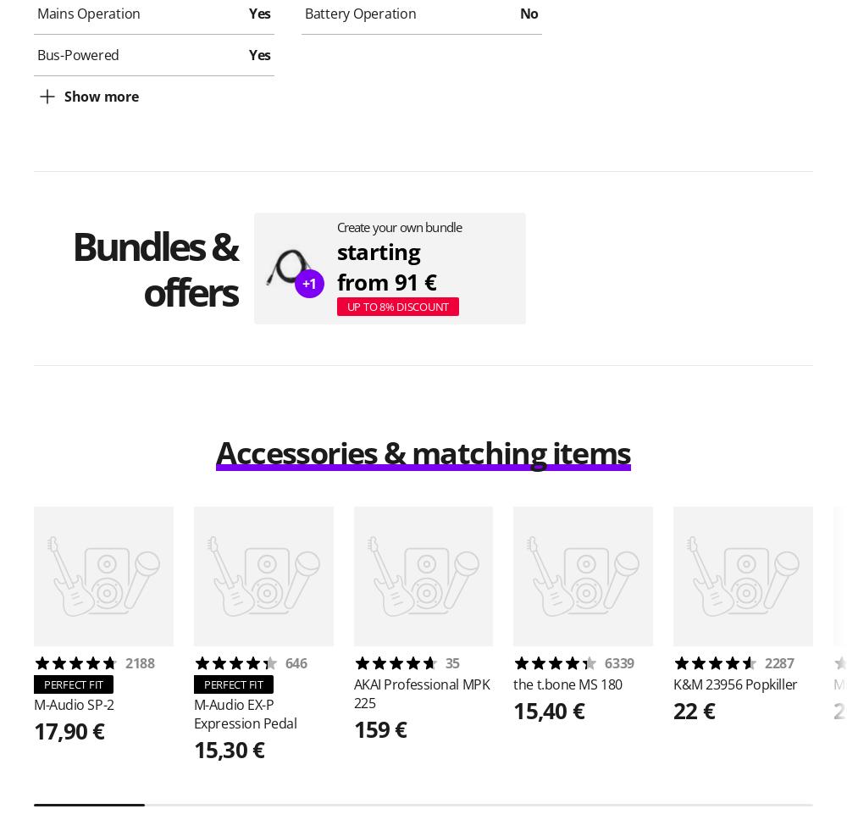 This screenshot has height=831, width=847. What do you see at coordinates (689, 684) in the screenshot?
I see `'K&M'` at bounding box center [689, 684].